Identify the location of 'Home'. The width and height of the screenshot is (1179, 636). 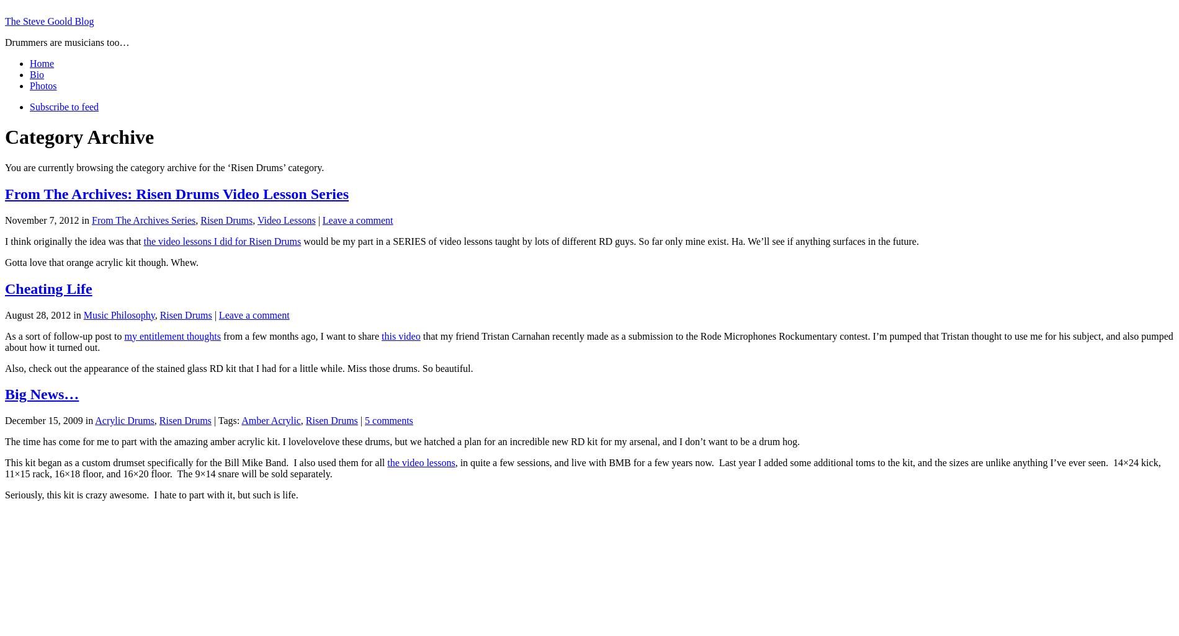
(42, 63).